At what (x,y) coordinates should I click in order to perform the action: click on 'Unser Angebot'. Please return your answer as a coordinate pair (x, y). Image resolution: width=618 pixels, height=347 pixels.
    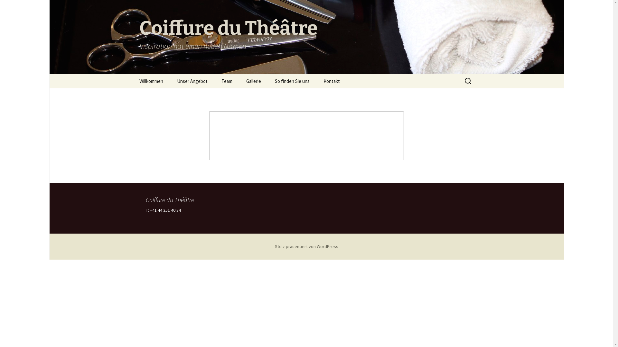
    Looking at the image, I should click on (170, 81).